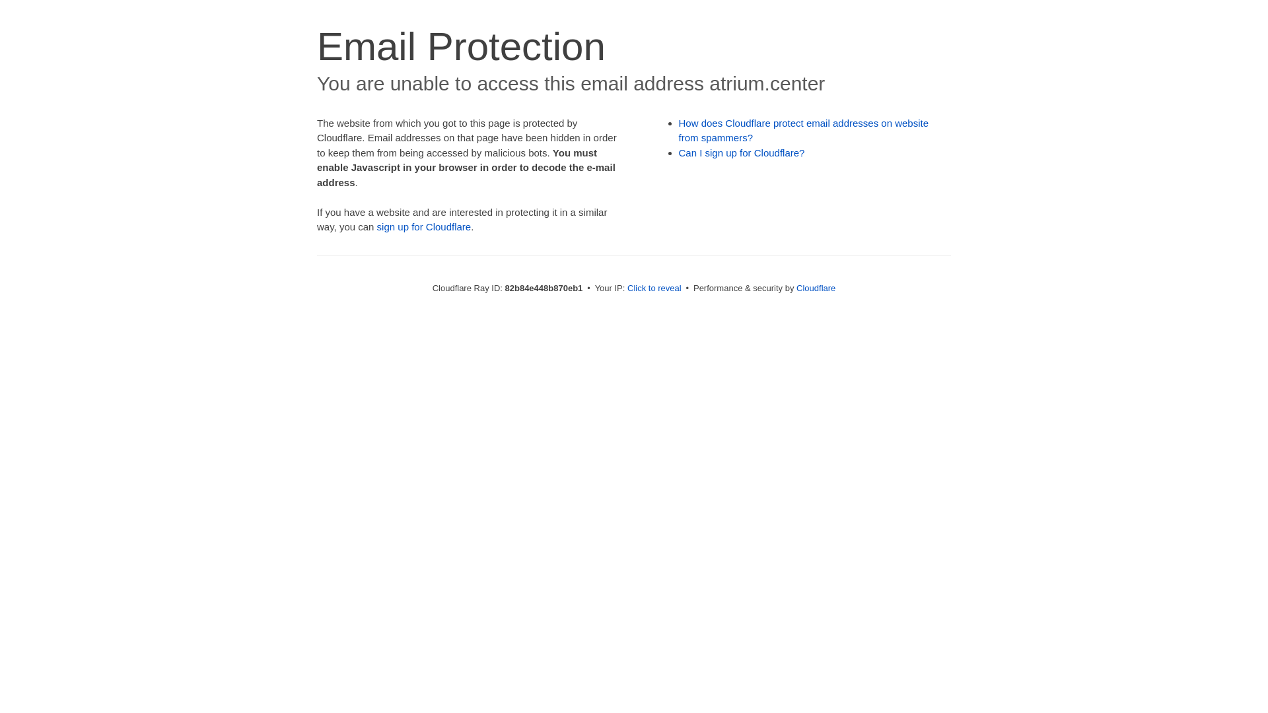 Image resolution: width=1268 pixels, height=713 pixels. What do you see at coordinates (627, 287) in the screenshot?
I see `'Click to reveal'` at bounding box center [627, 287].